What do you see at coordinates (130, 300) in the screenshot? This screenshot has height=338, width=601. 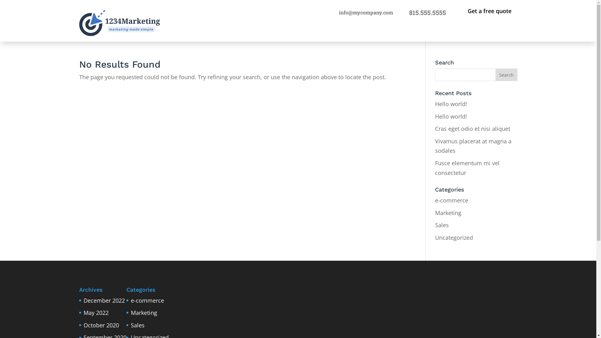 I see `'e-commerce'` at bounding box center [130, 300].